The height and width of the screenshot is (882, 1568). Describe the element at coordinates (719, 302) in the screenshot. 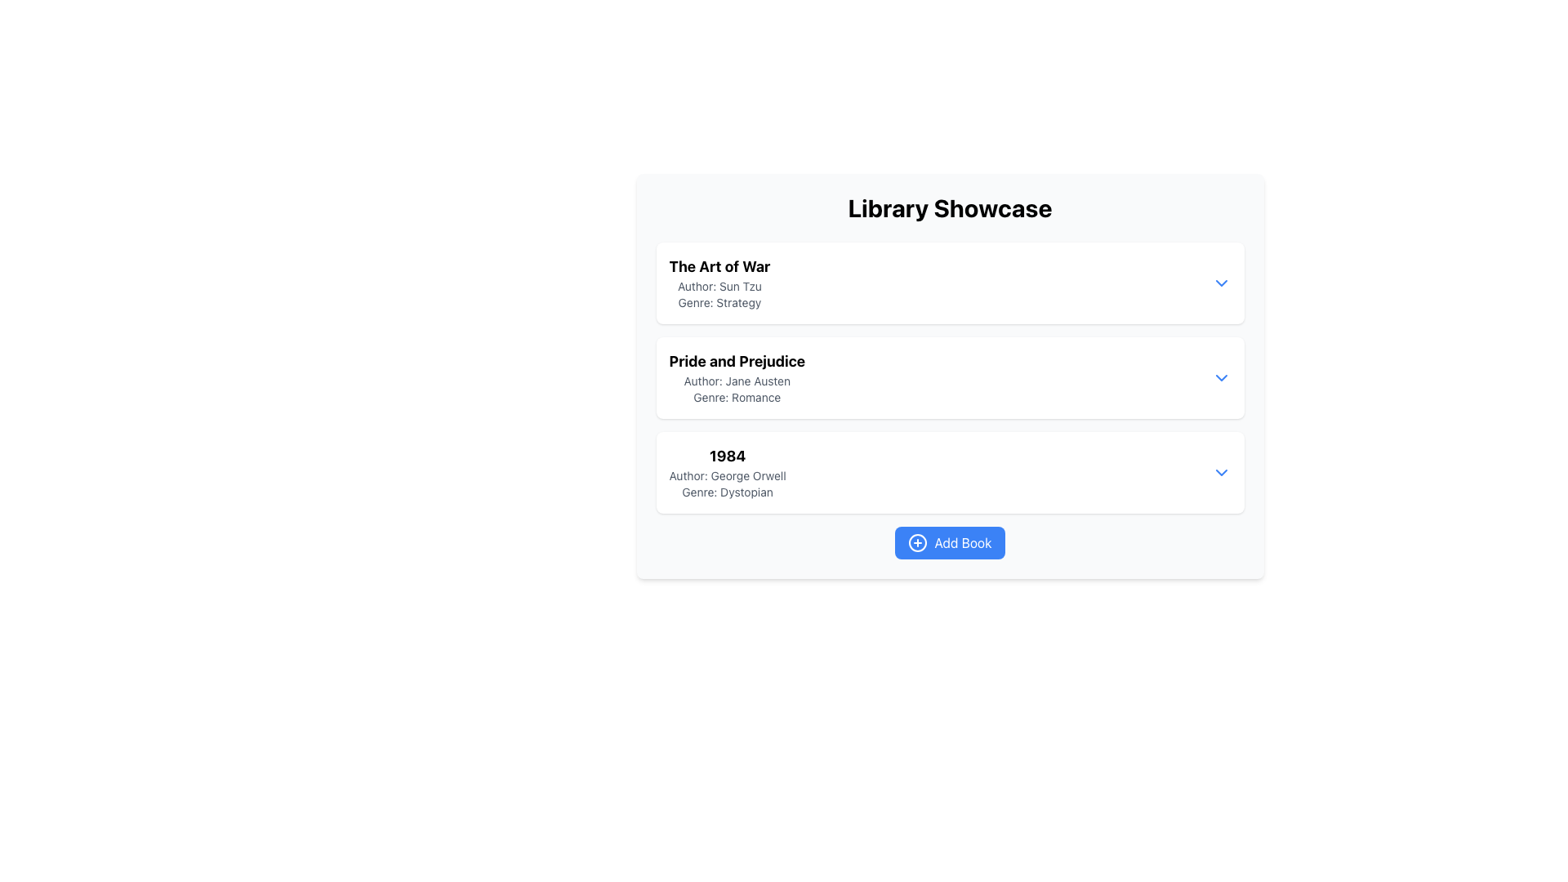

I see `the 'Strategy' text label located under the title 'The Art of War' and the author 'Sun Tzu' in the first card of the book list` at that location.